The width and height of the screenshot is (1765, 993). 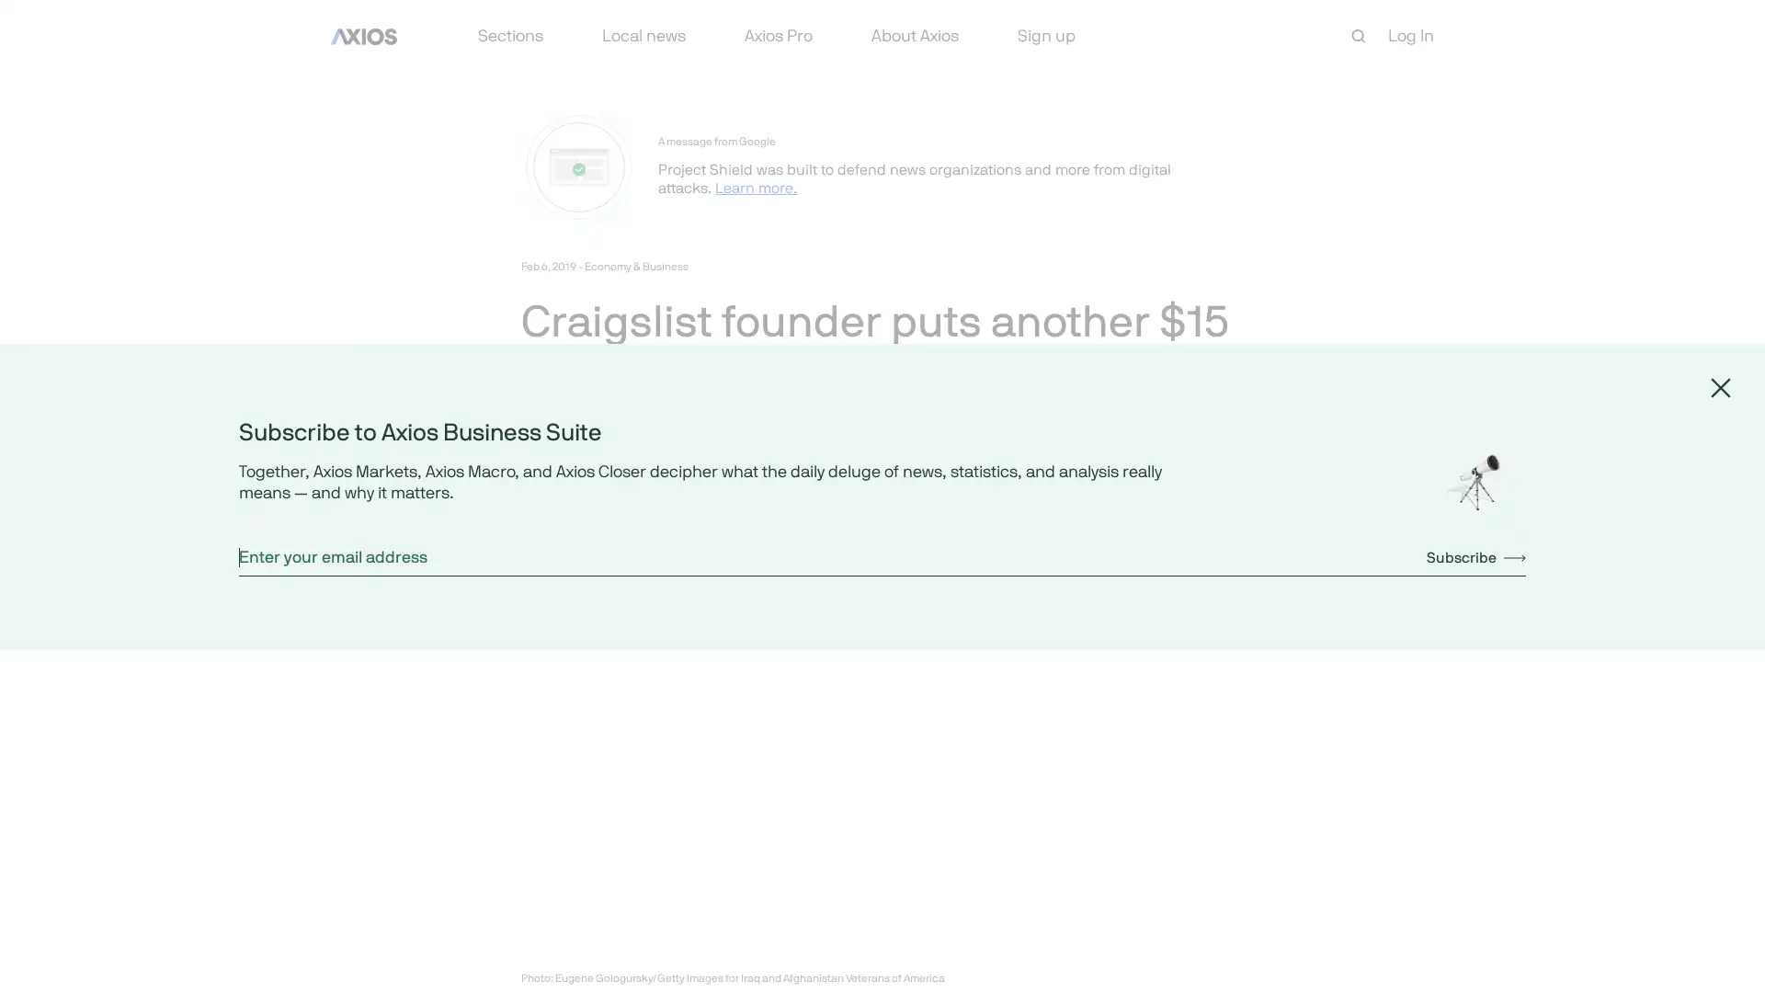 I want to click on email, so click(x=666, y=499).